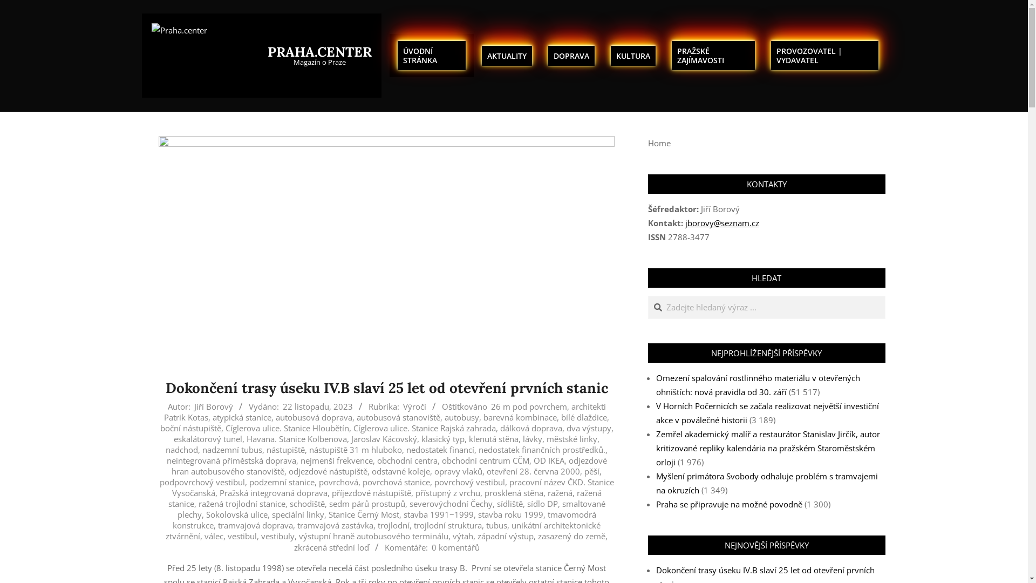 Image resolution: width=1036 pixels, height=583 pixels. What do you see at coordinates (824, 56) in the screenshot?
I see `'PROVOZOVATEL | VYDAVATEL'` at bounding box center [824, 56].